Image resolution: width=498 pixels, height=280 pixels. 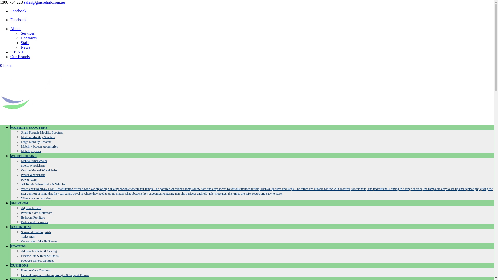 I want to click on 'Services', so click(x=27, y=33).